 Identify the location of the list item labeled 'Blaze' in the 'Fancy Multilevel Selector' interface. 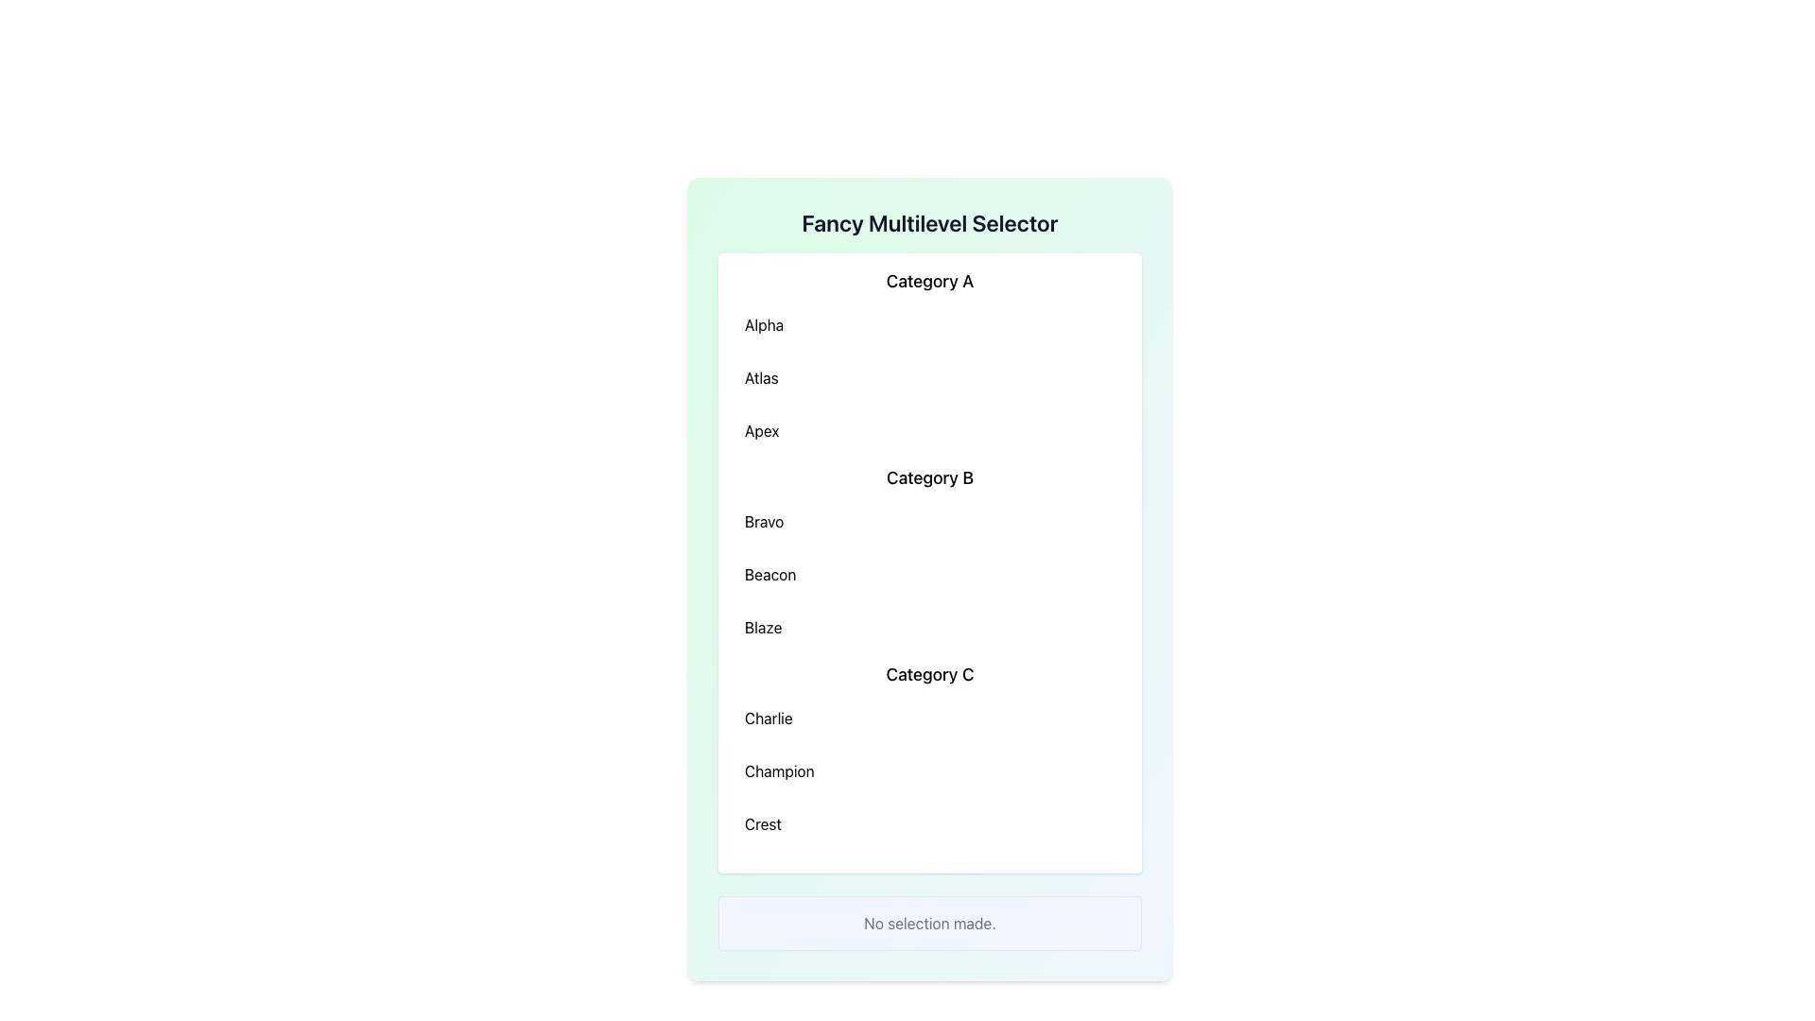
(763, 627).